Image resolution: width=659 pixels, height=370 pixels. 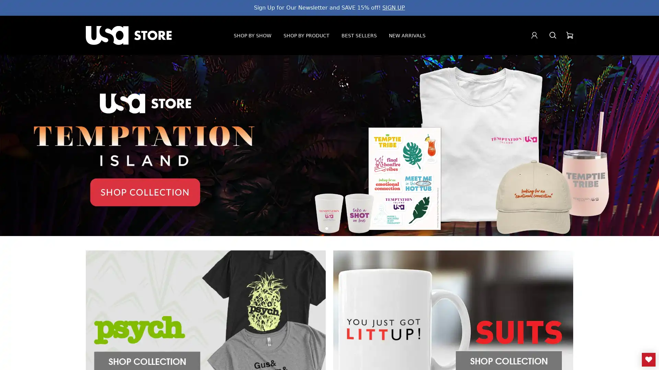 What do you see at coordinates (574, 358) in the screenshot?
I see `Manage Cookies` at bounding box center [574, 358].